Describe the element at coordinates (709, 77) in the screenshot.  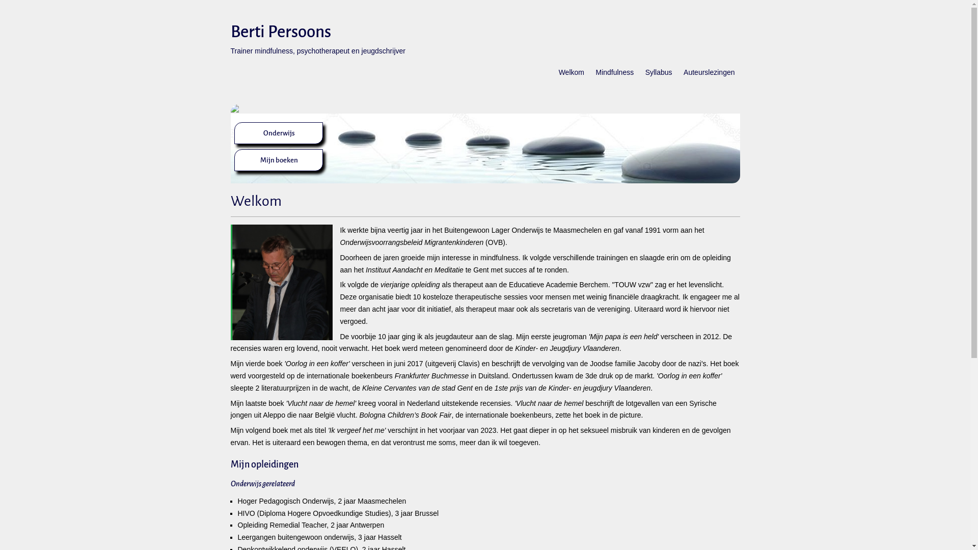
I see `'Auteurslezingen'` at that location.